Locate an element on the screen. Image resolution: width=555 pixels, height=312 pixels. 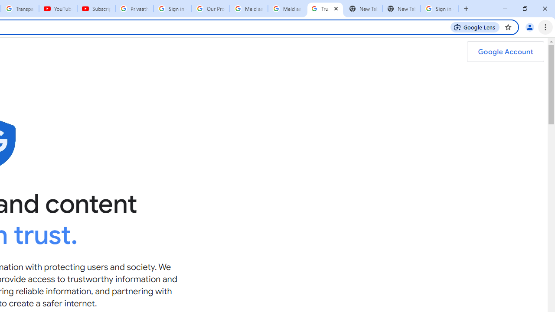
'Search with Google Lens' is located at coordinates (474, 26).